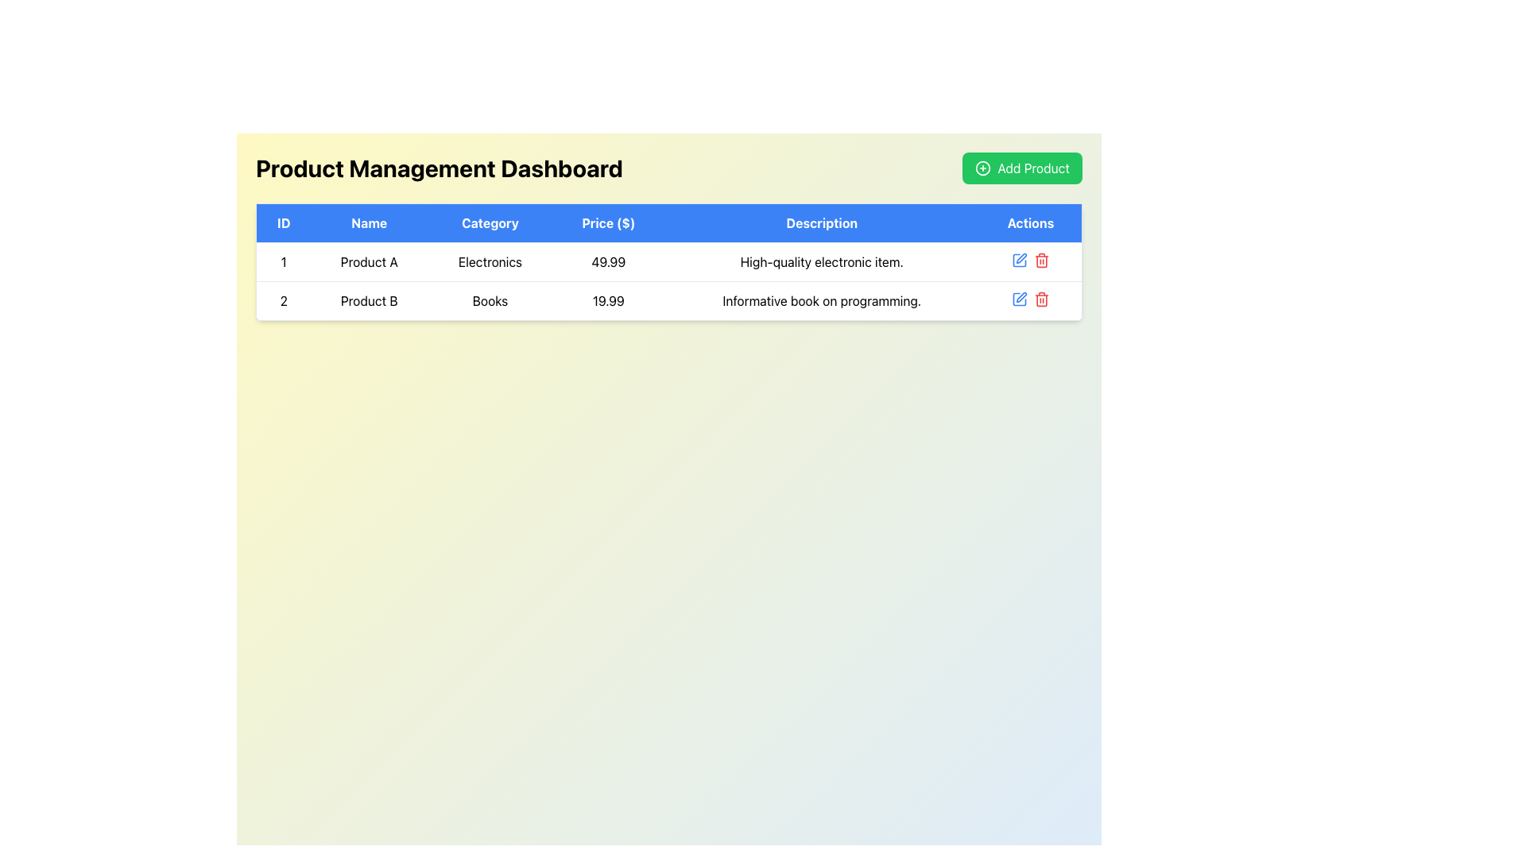 The width and height of the screenshot is (1526, 858). I want to click on text denoting the category of the product as 'Books', located in the second row of the table under the 'Category' column, between 'Product B' and '19.99', so click(490, 300).